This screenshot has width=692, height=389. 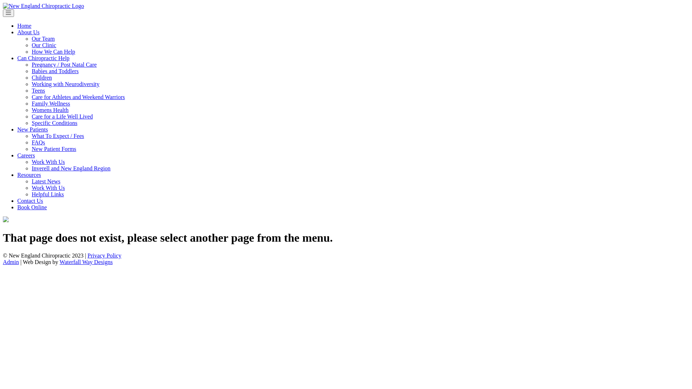 What do you see at coordinates (55, 71) in the screenshot?
I see `'Babies and Toddlers'` at bounding box center [55, 71].